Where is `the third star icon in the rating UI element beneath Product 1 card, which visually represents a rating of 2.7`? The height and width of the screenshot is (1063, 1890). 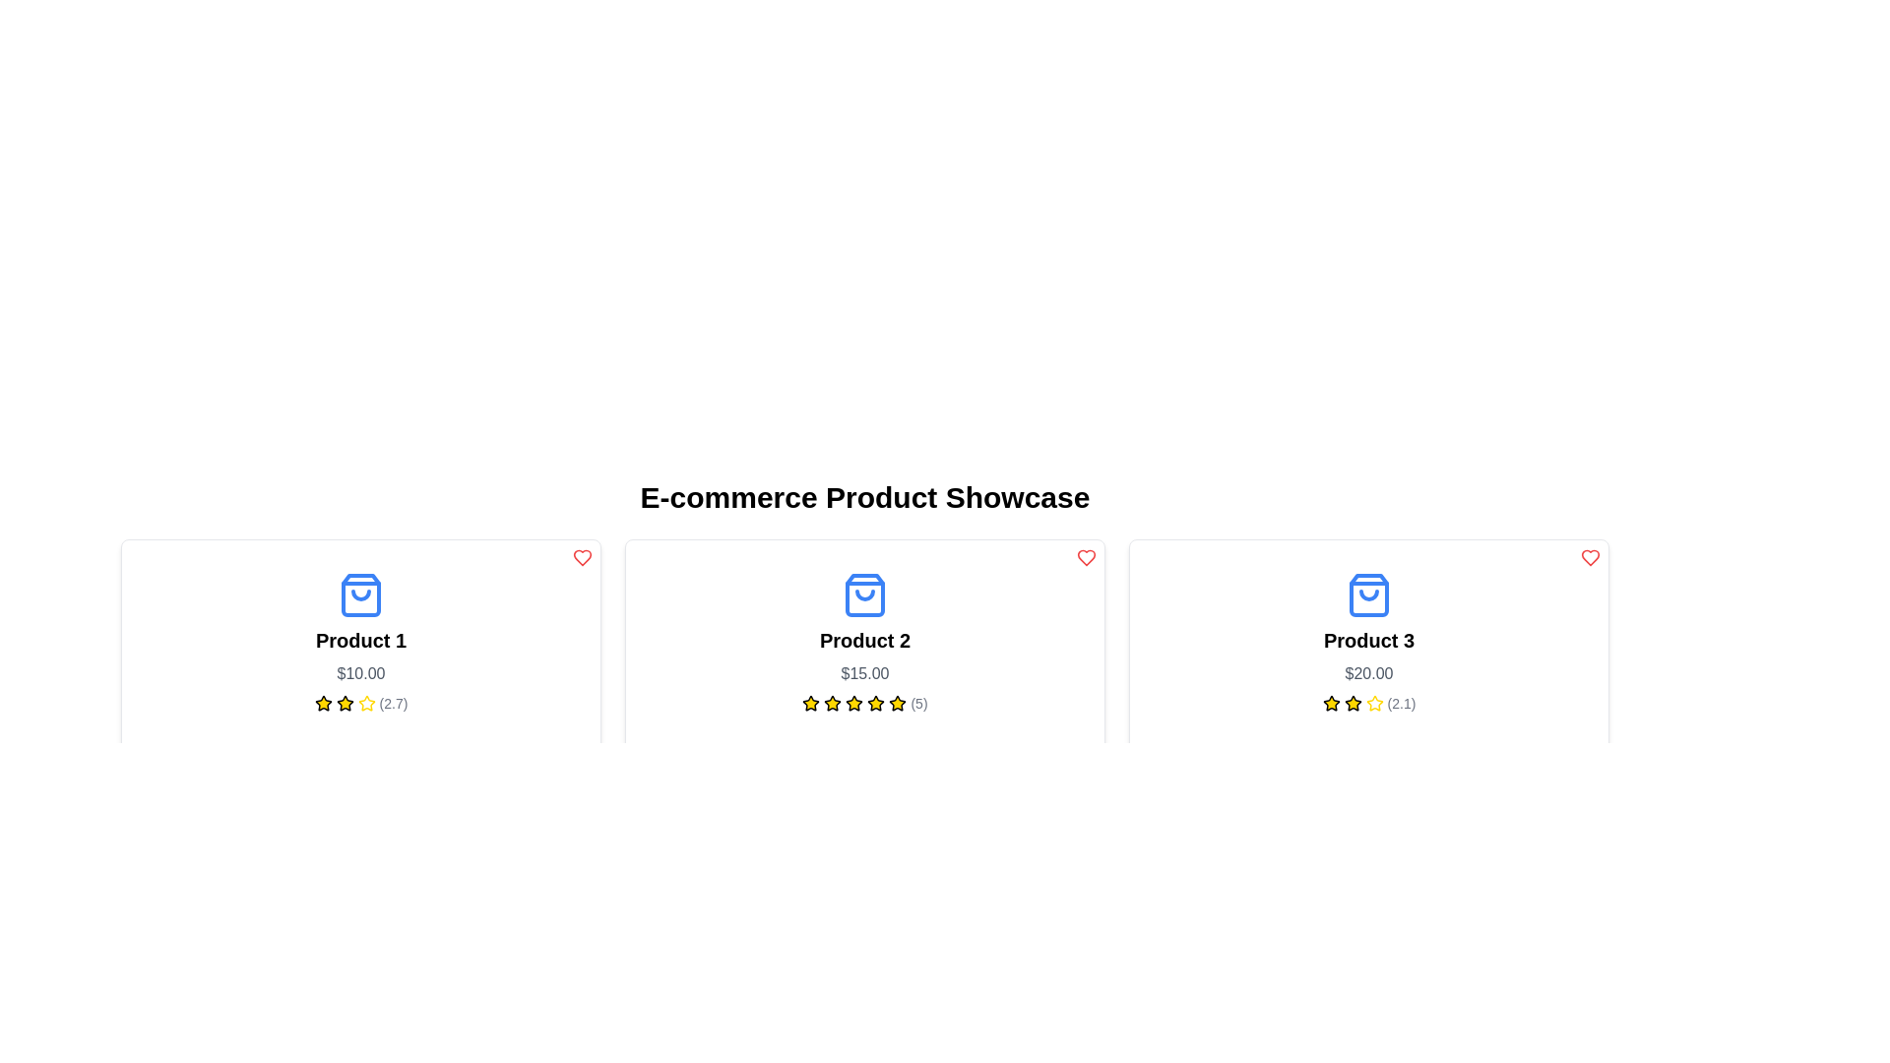
the third star icon in the rating UI element beneath Product 1 card, which visually represents a rating of 2.7 is located at coordinates (345, 702).